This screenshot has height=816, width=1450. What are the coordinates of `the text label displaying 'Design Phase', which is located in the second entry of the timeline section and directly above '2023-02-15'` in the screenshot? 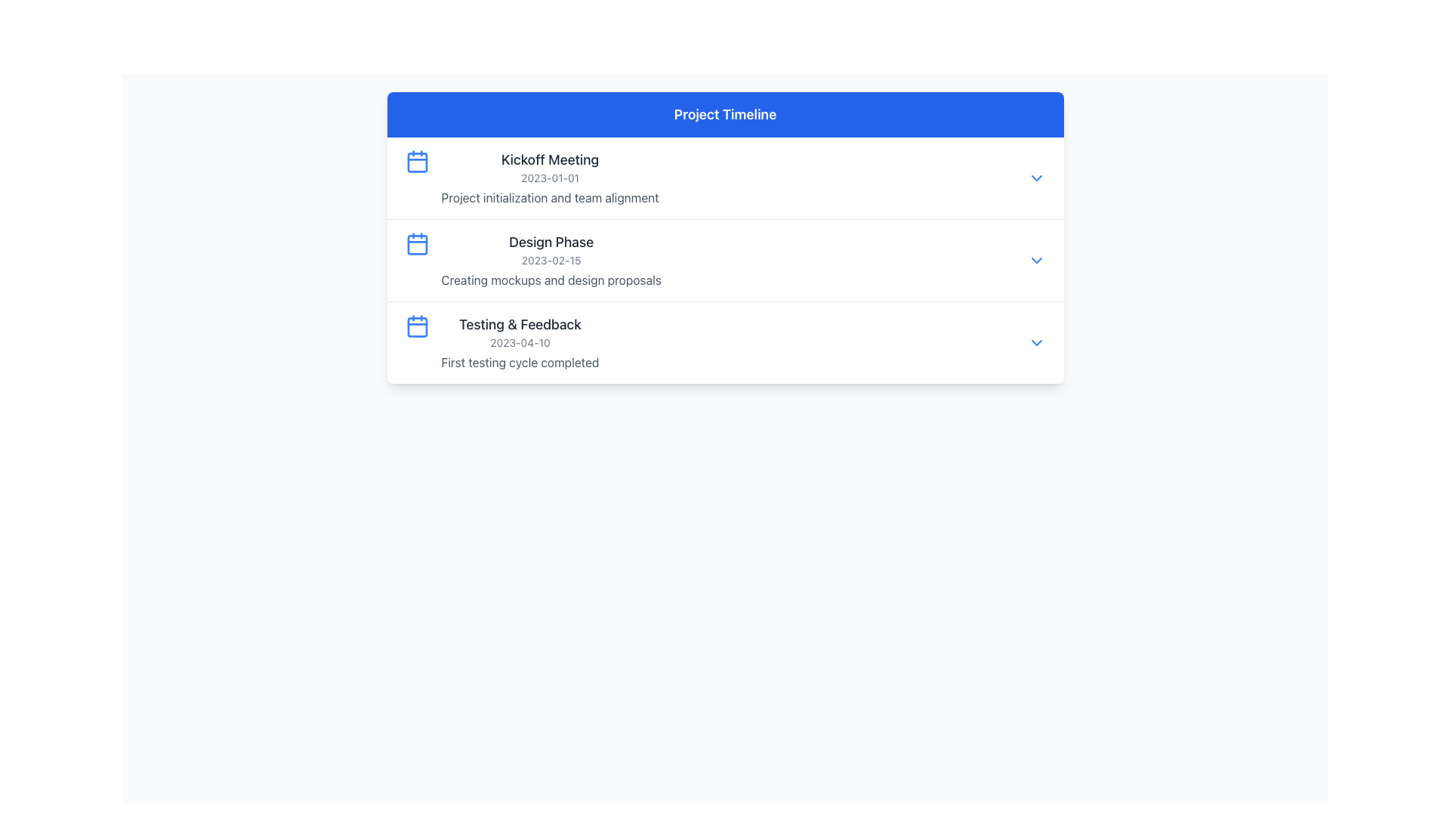 It's located at (551, 241).